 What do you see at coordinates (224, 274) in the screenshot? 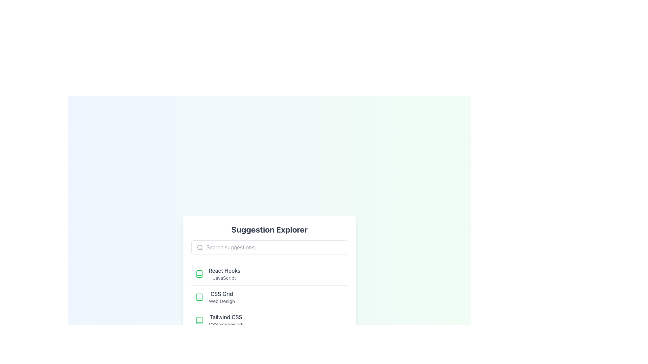
I see `the first suggestion text related to 'React Hooks' in the 'Suggestion Explorer'` at bounding box center [224, 274].